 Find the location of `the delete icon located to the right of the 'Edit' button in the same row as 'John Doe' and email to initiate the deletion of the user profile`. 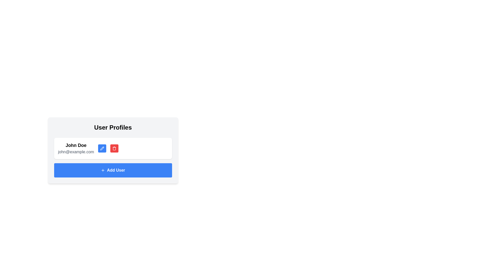

the delete icon located to the right of the 'Edit' button in the same row as 'John Doe' and email to initiate the deletion of the user profile is located at coordinates (114, 148).